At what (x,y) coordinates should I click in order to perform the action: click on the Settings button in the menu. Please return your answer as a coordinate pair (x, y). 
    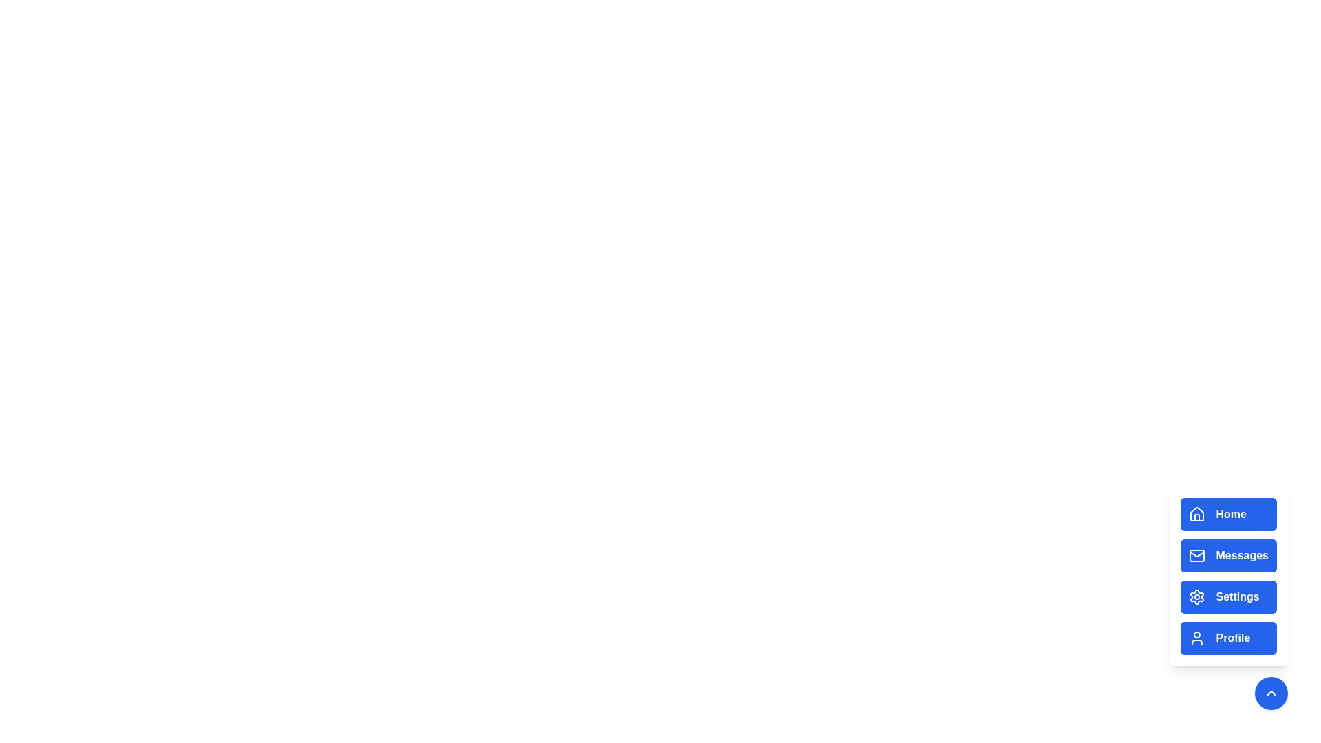
    Looking at the image, I should click on (1228, 596).